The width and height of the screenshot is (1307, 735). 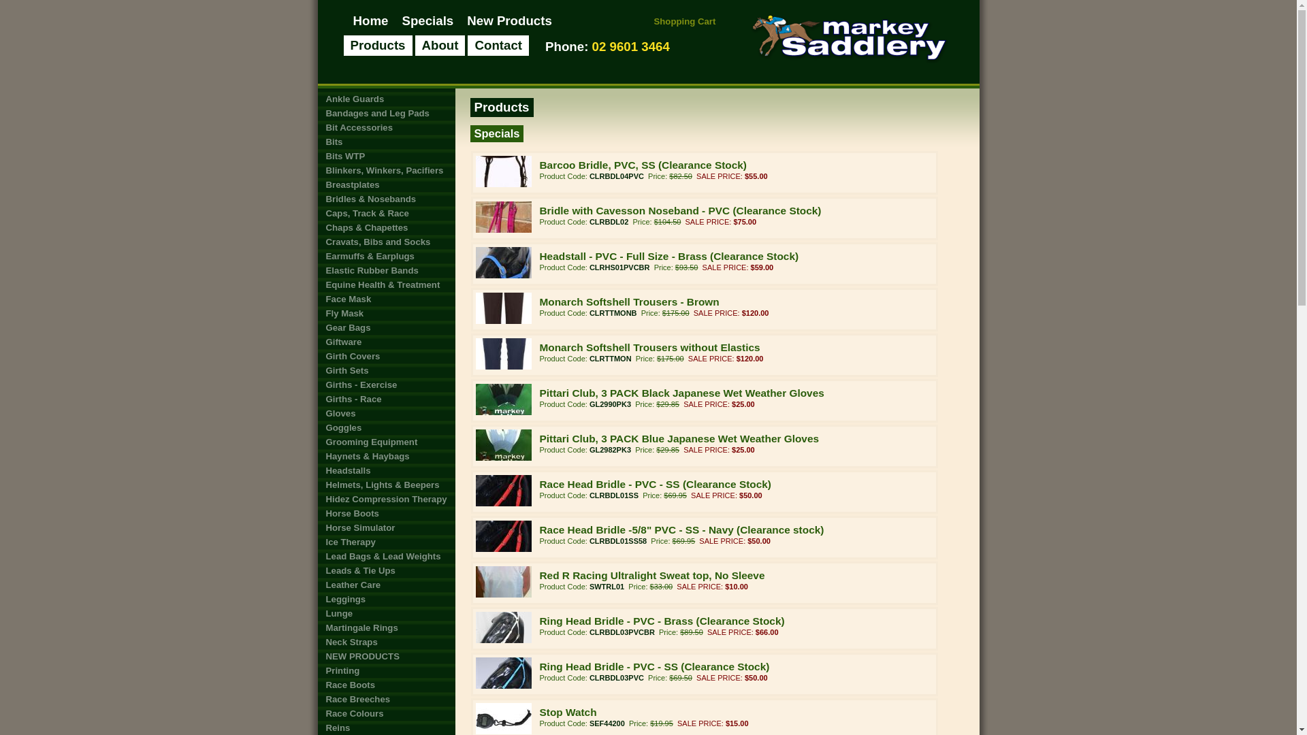 What do you see at coordinates (385, 241) in the screenshot?
I see `'Cravats, Bibs and Socks'` at bounding box center [385, 241].